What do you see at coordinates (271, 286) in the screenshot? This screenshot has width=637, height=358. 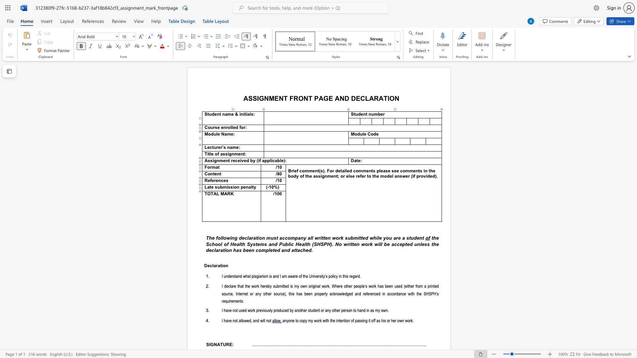 I see `the 1th character "y" in the text` at bounding box center [271, 286].